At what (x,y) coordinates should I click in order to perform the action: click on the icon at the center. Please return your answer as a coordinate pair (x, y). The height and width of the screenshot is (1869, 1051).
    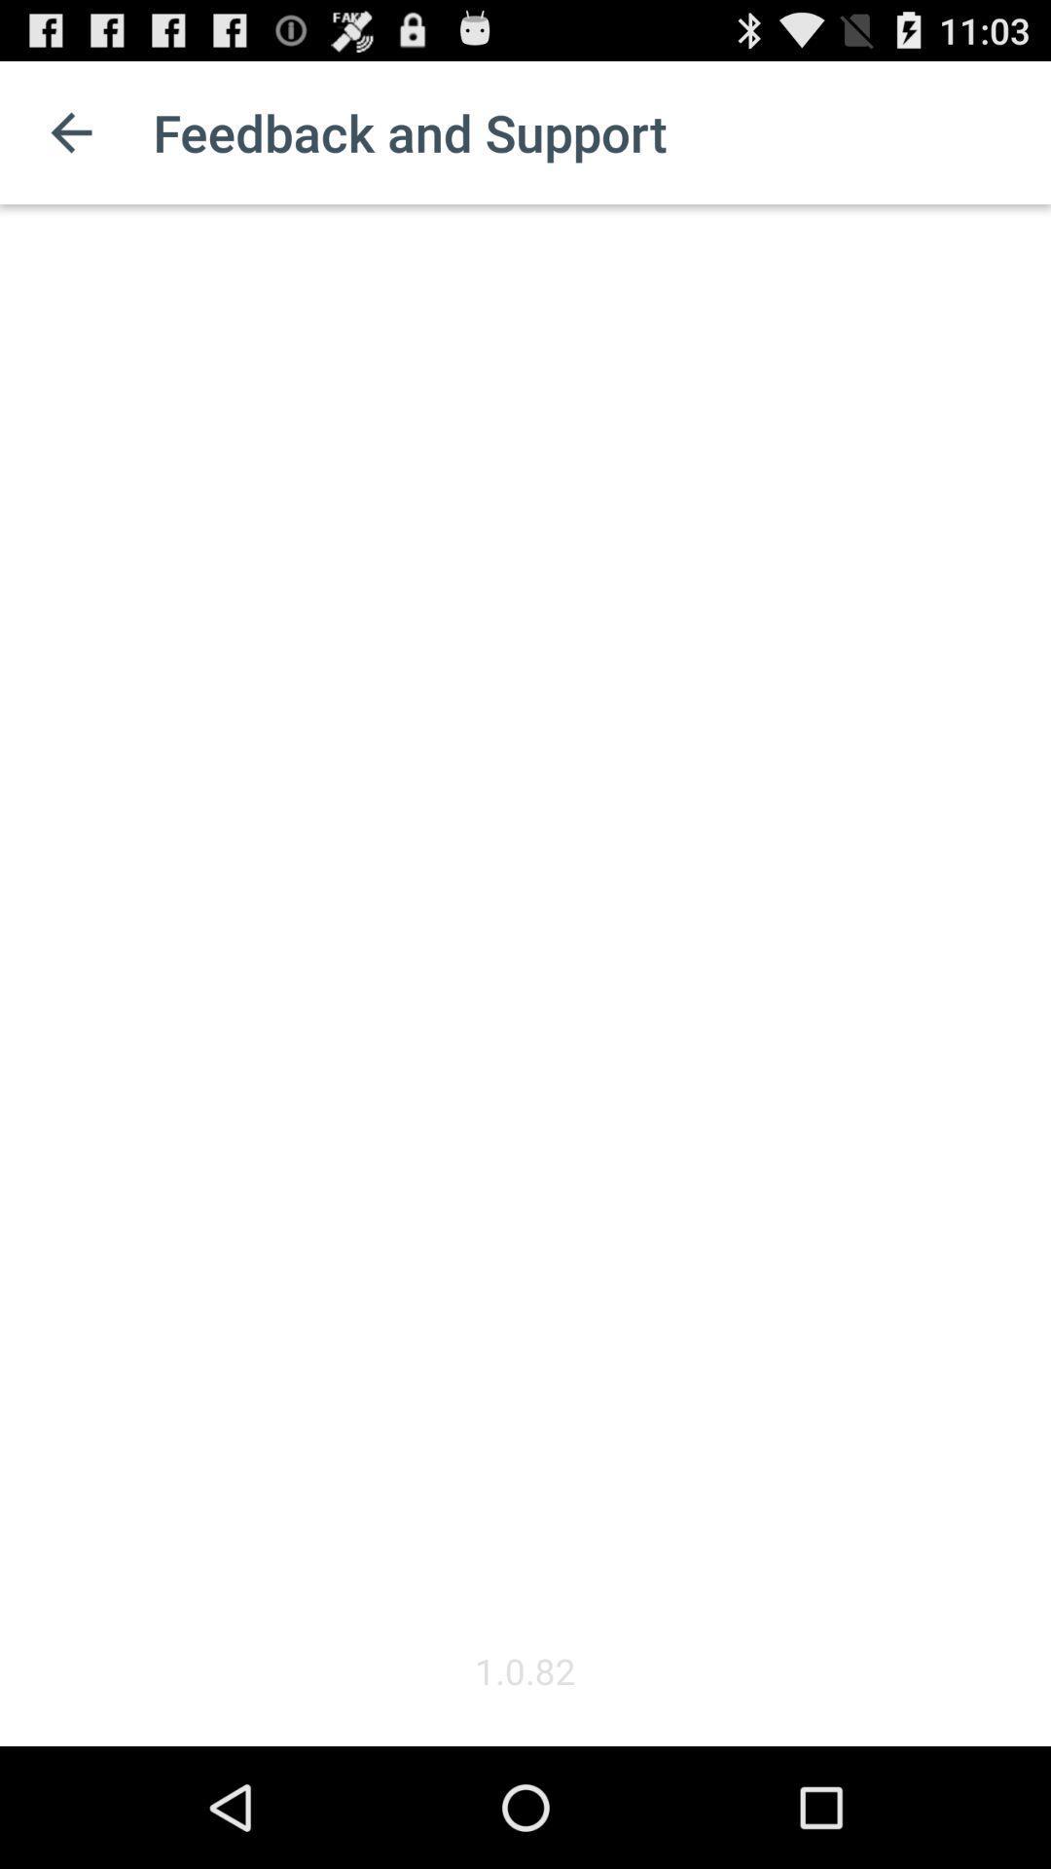
    Looking at the image, I should click on (525, 924).